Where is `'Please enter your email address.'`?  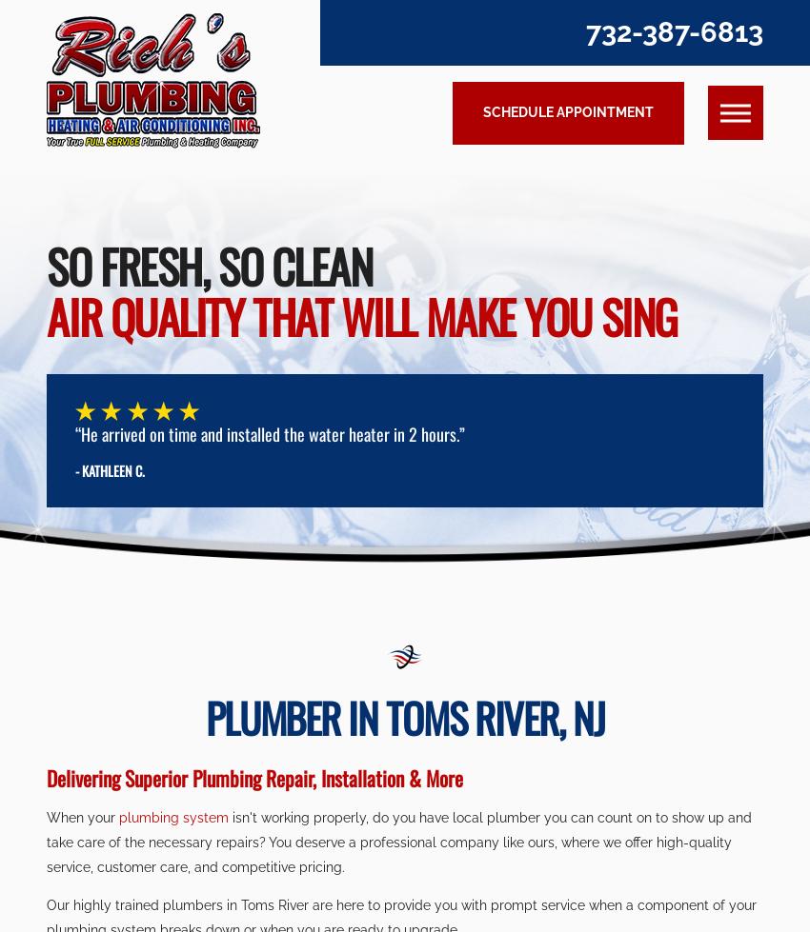
'Please enter your email address.' is located at coordinates (622, 239).